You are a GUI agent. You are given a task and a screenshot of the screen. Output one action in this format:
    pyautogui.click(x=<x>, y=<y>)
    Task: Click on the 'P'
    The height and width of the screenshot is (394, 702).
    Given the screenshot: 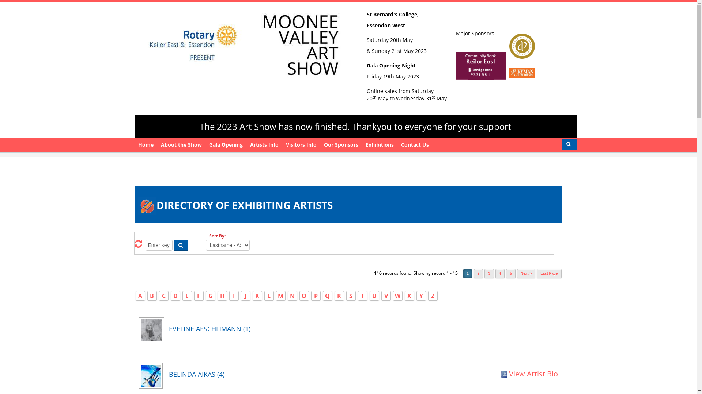 What is the action you would take?
    pyautogui.click(x=316, y=295)
    